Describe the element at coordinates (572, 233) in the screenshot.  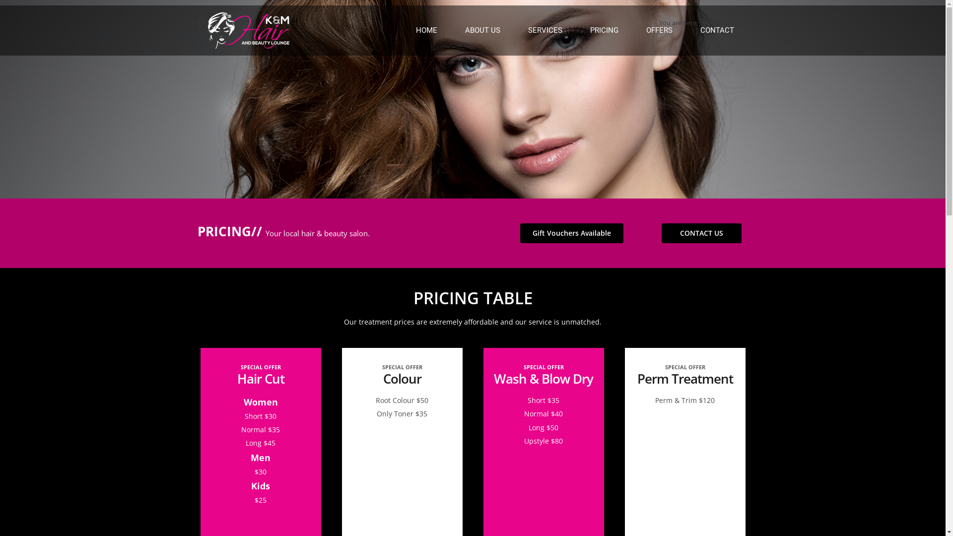
I see `'Gift Vouchers Available'` at that location.